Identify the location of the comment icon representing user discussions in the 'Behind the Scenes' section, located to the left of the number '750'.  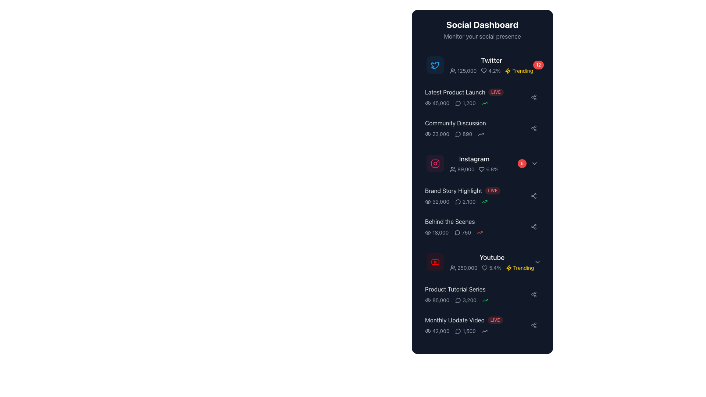
(457, 232).